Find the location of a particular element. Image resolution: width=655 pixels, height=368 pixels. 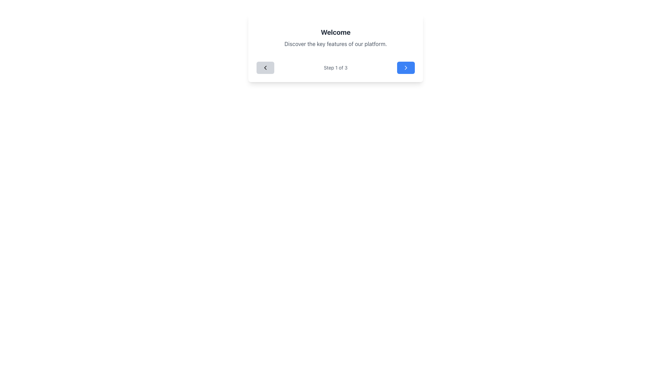

the triangular-shaped chevron icon located in the rightmost button region of the UI card component is located at coordinates (406, 68).